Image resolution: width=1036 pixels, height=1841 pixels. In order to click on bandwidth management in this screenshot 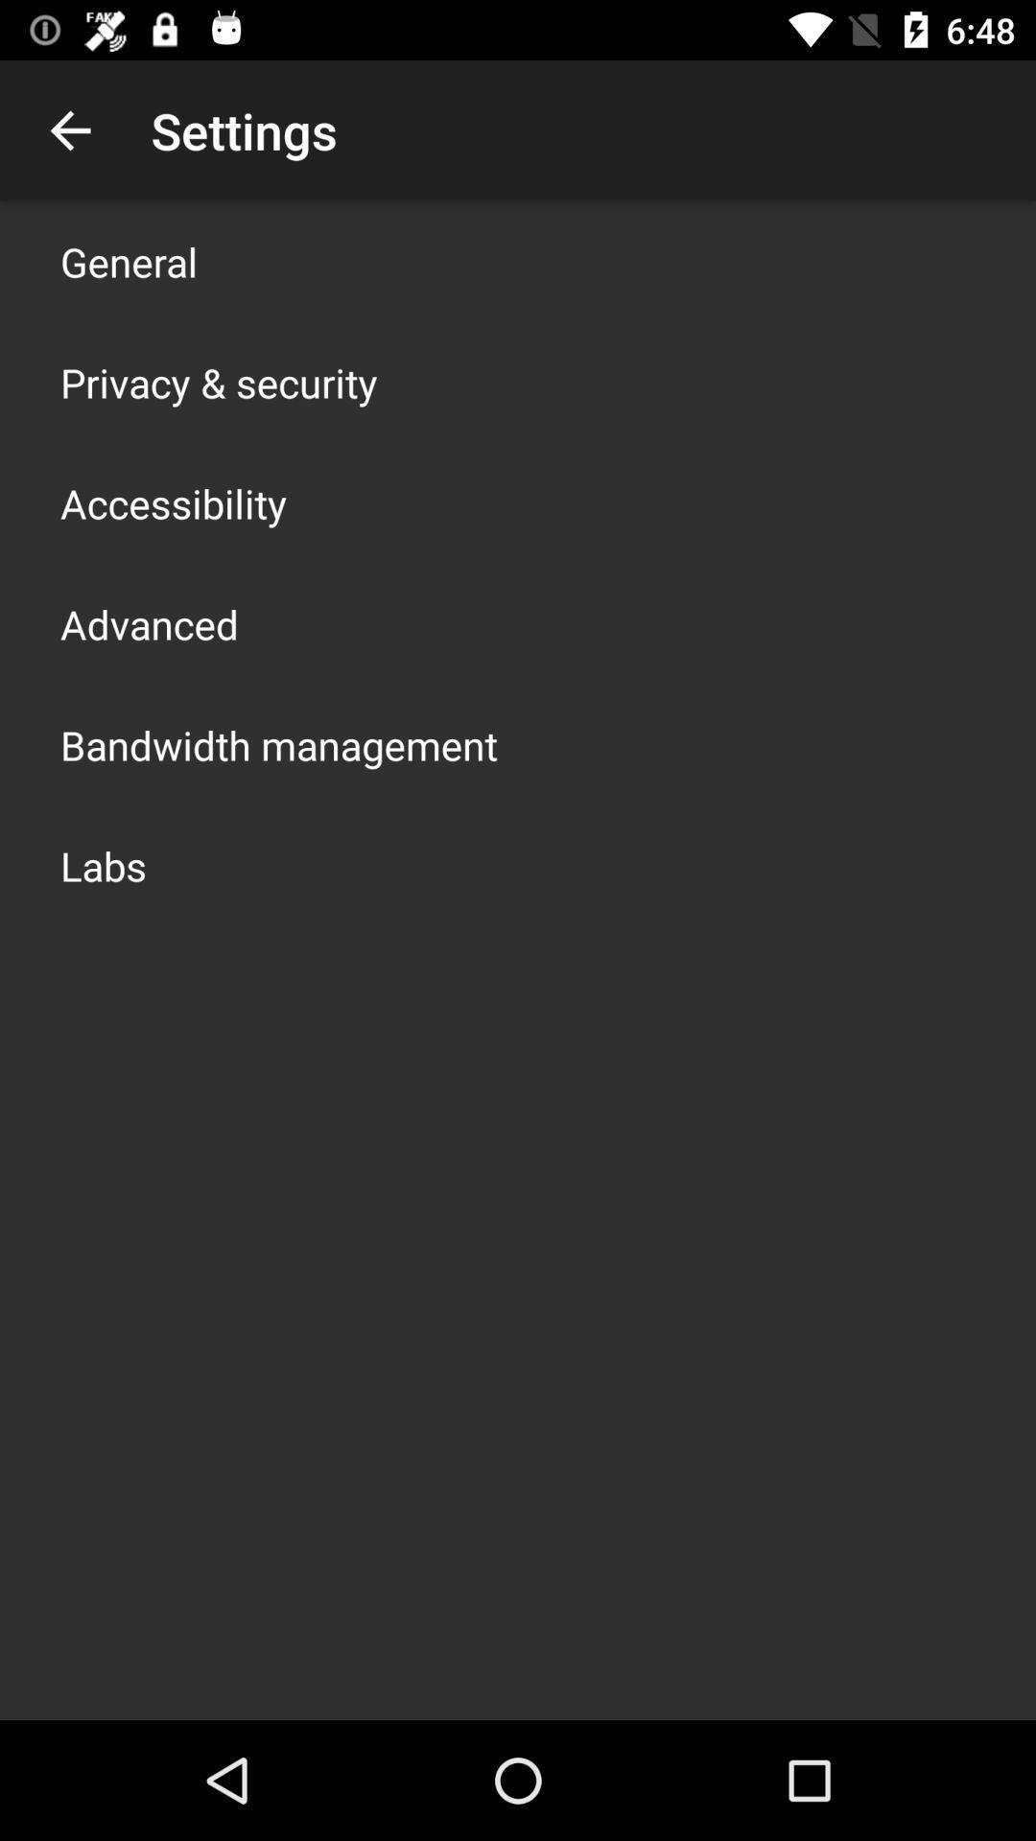, I will do `click(278, 744)`.